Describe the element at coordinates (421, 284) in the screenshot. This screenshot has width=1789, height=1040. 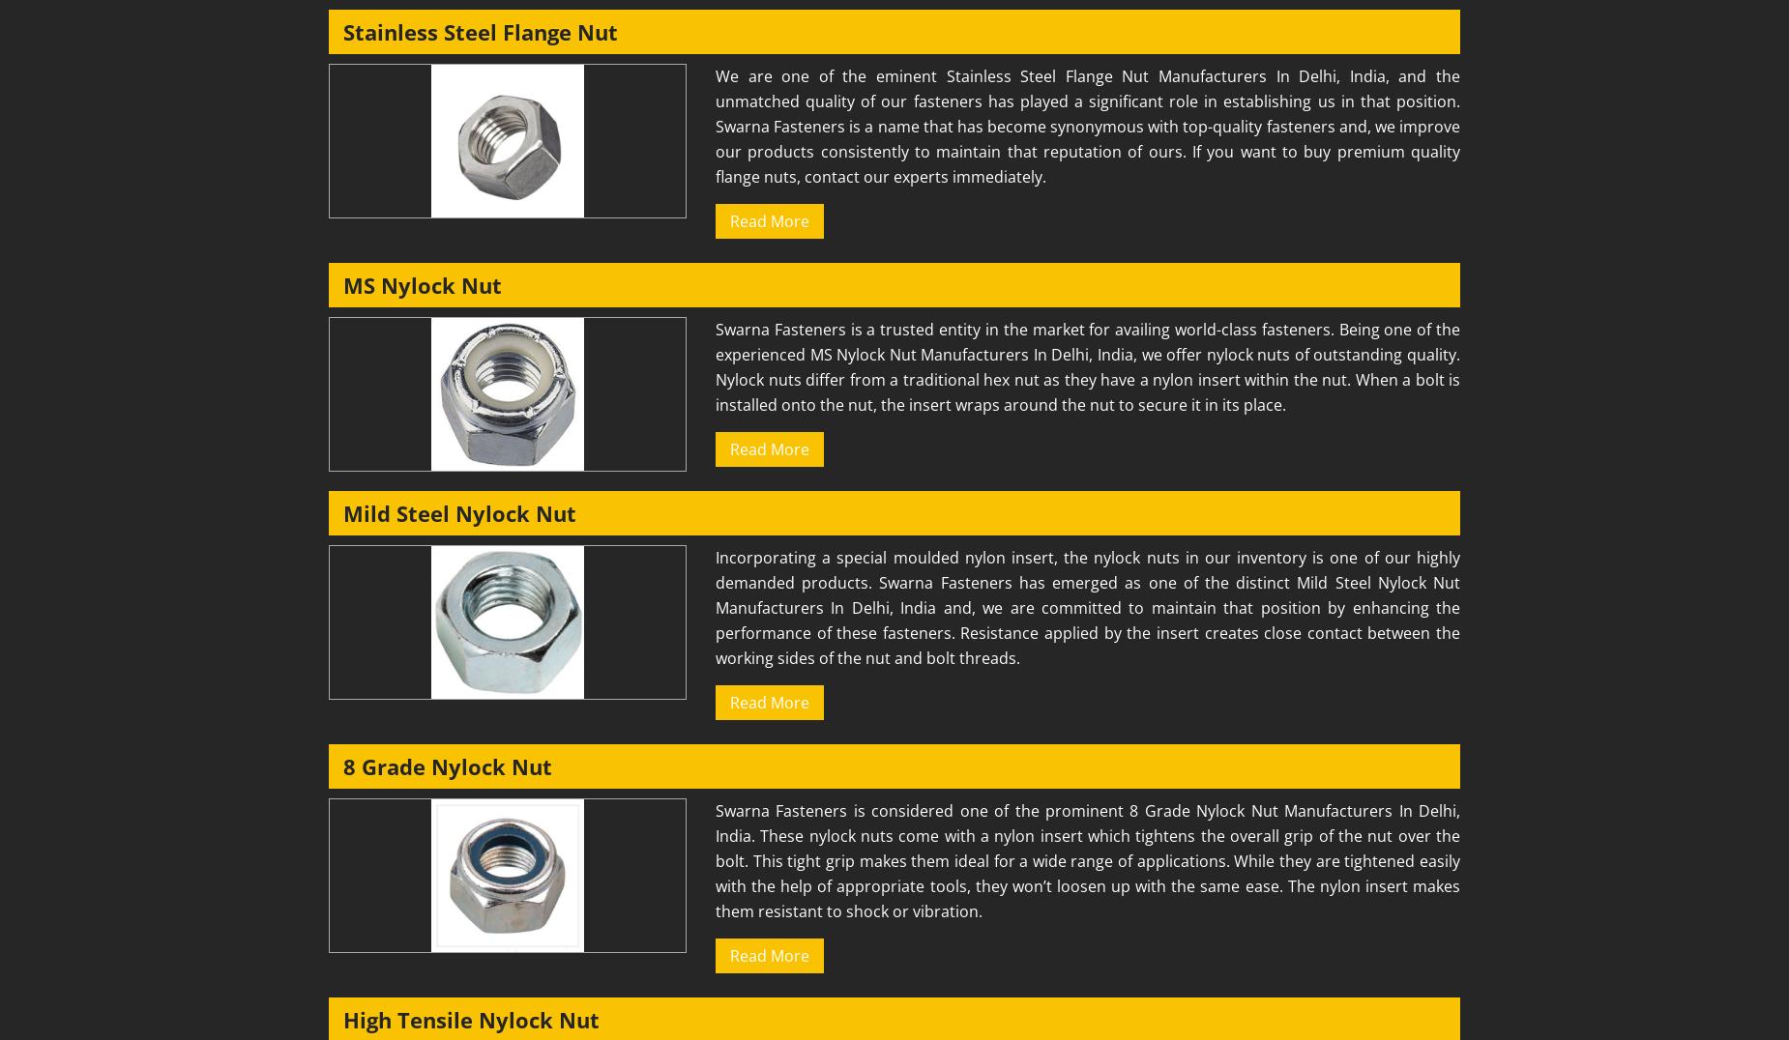
I see `'MS Nylock Nut'` at that location.